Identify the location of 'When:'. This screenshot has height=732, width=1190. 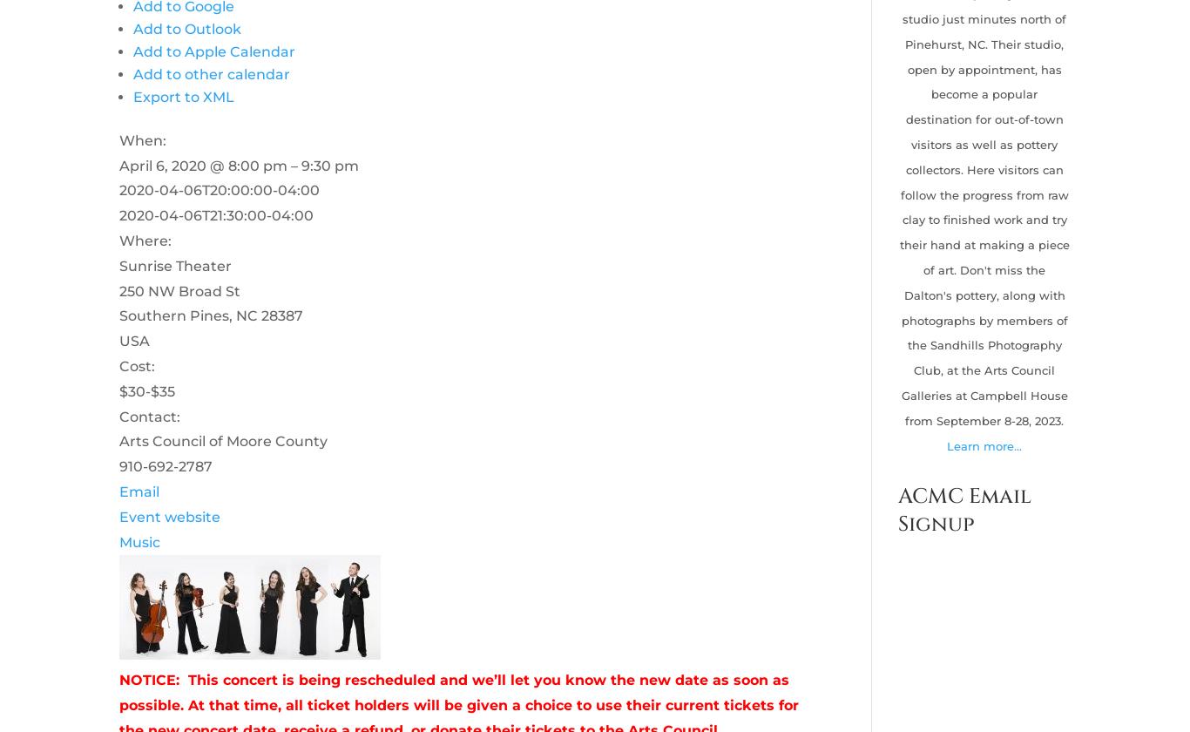
(140, 139).